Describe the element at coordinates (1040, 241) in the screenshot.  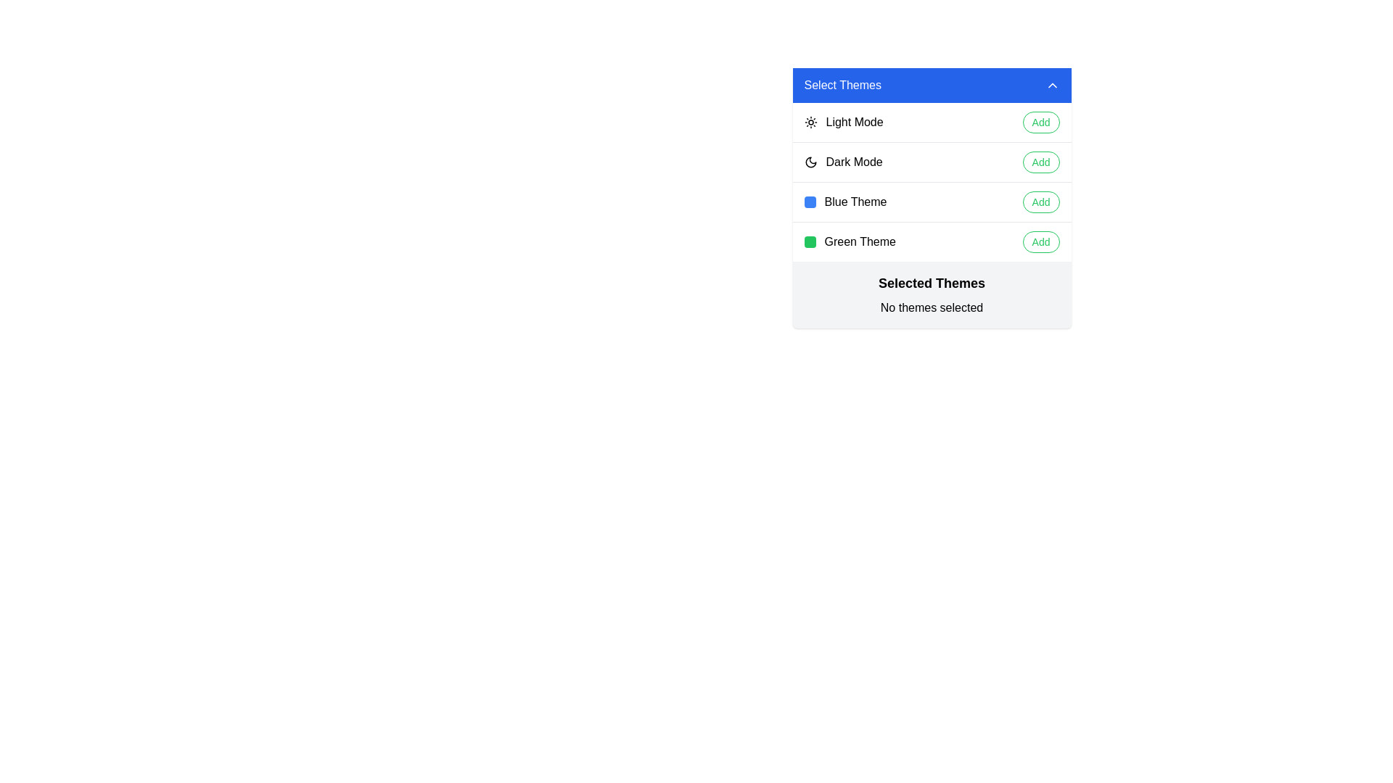
I see `the 'Add' button with a green border located in the rightmost position of the 'Green Theme' row to trigger any tooltip or visual feedback` at that location.